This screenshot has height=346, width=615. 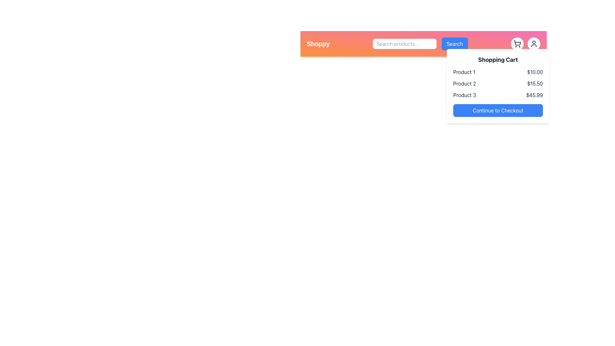 I want to click on text from the branding label located at the top left of the navigation bar, preceding the search input field, so click(x=318, y=44).